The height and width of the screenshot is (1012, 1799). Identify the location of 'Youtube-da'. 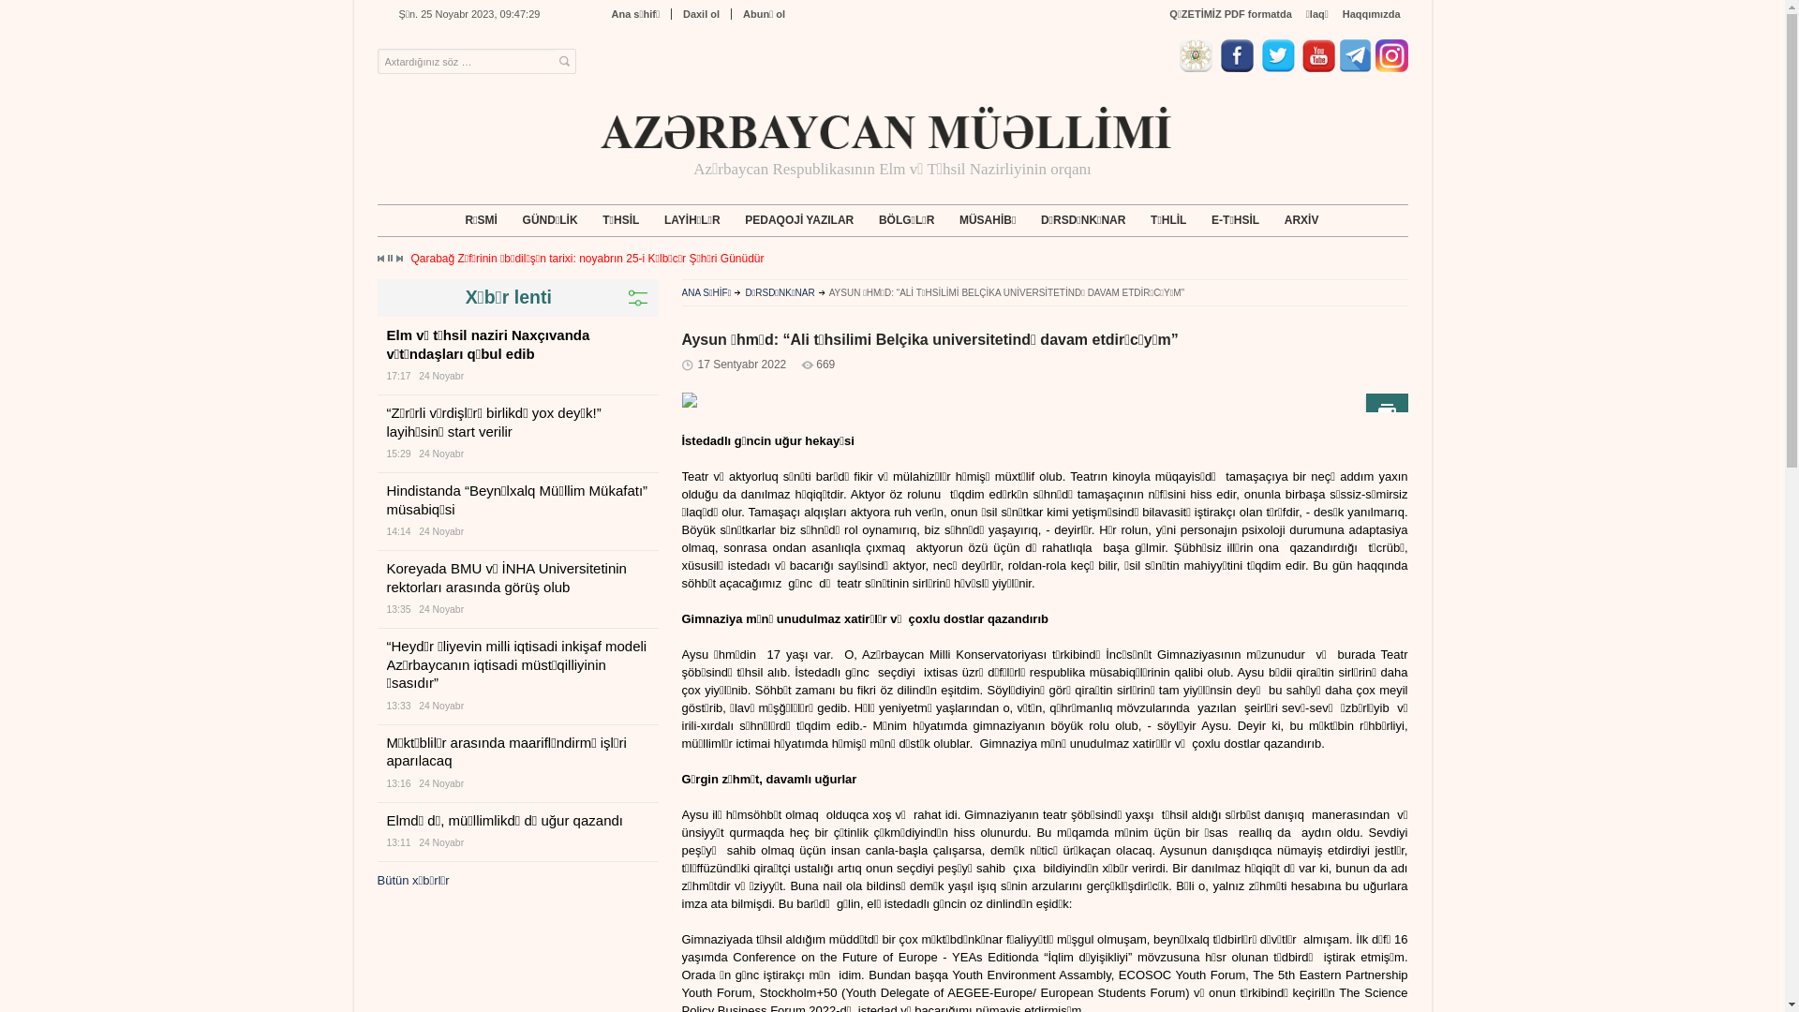
(1301, 67).